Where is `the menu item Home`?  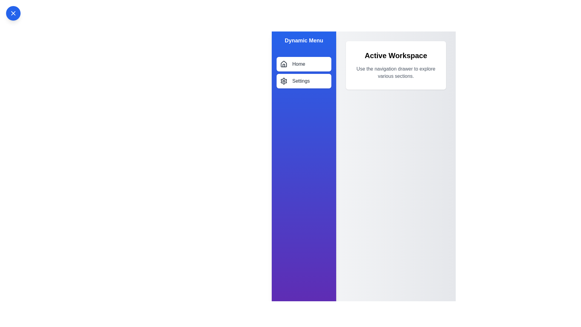
the menu item Home is located at coordinates (304, 64).